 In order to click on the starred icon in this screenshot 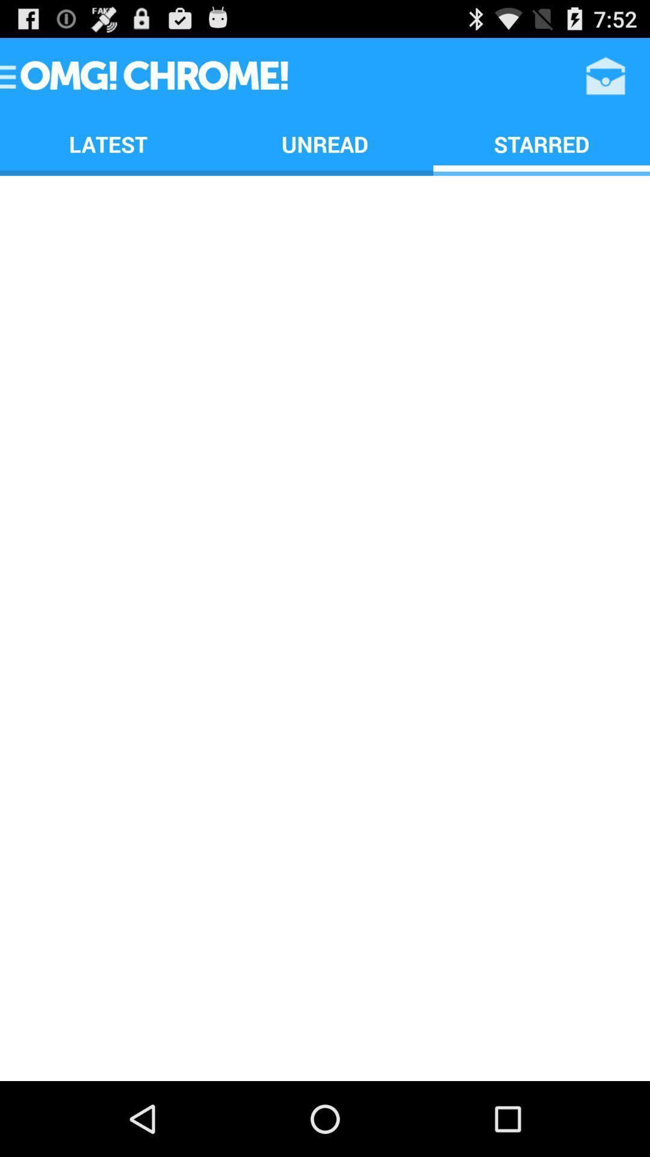, I will do `click(540, 144)`.